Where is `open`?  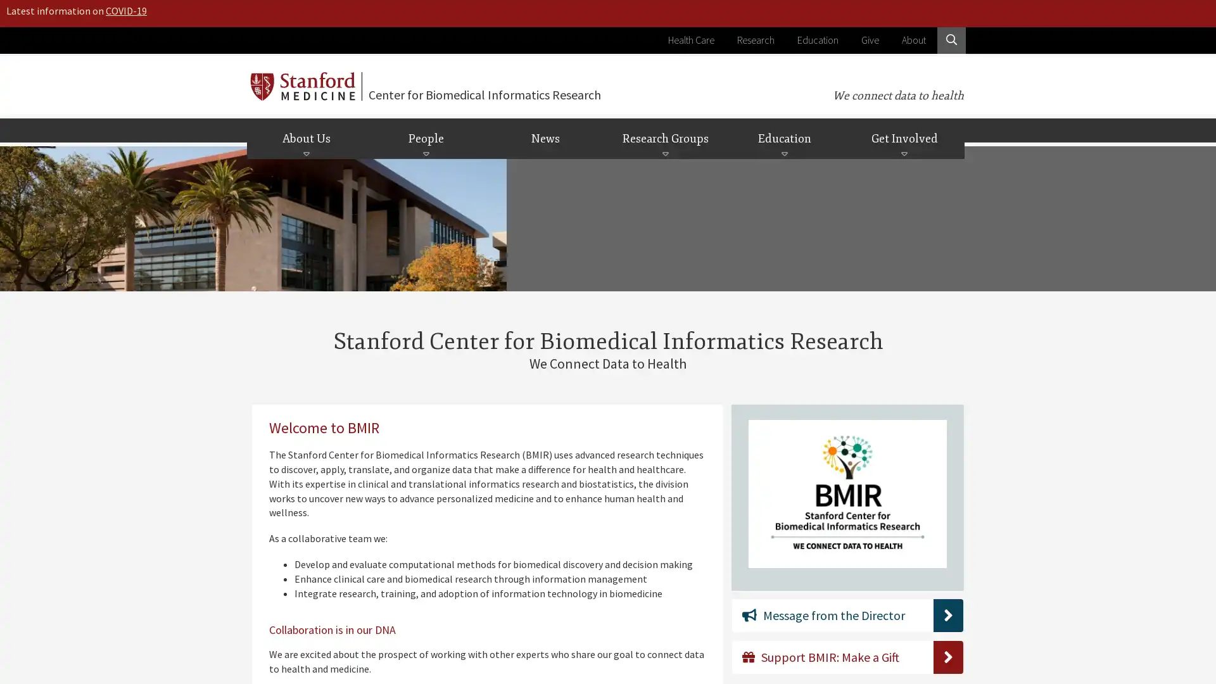 open is located at coordinates (783, 153).